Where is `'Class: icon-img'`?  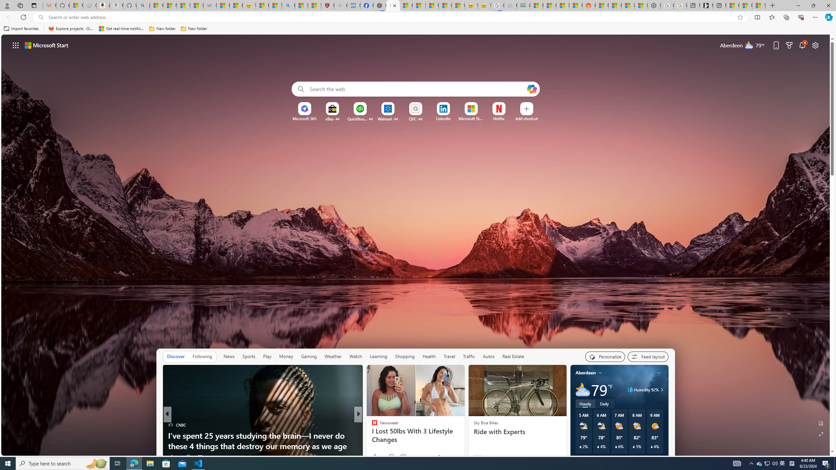
'Class: icon-img' is located at coordinates (658, 372).